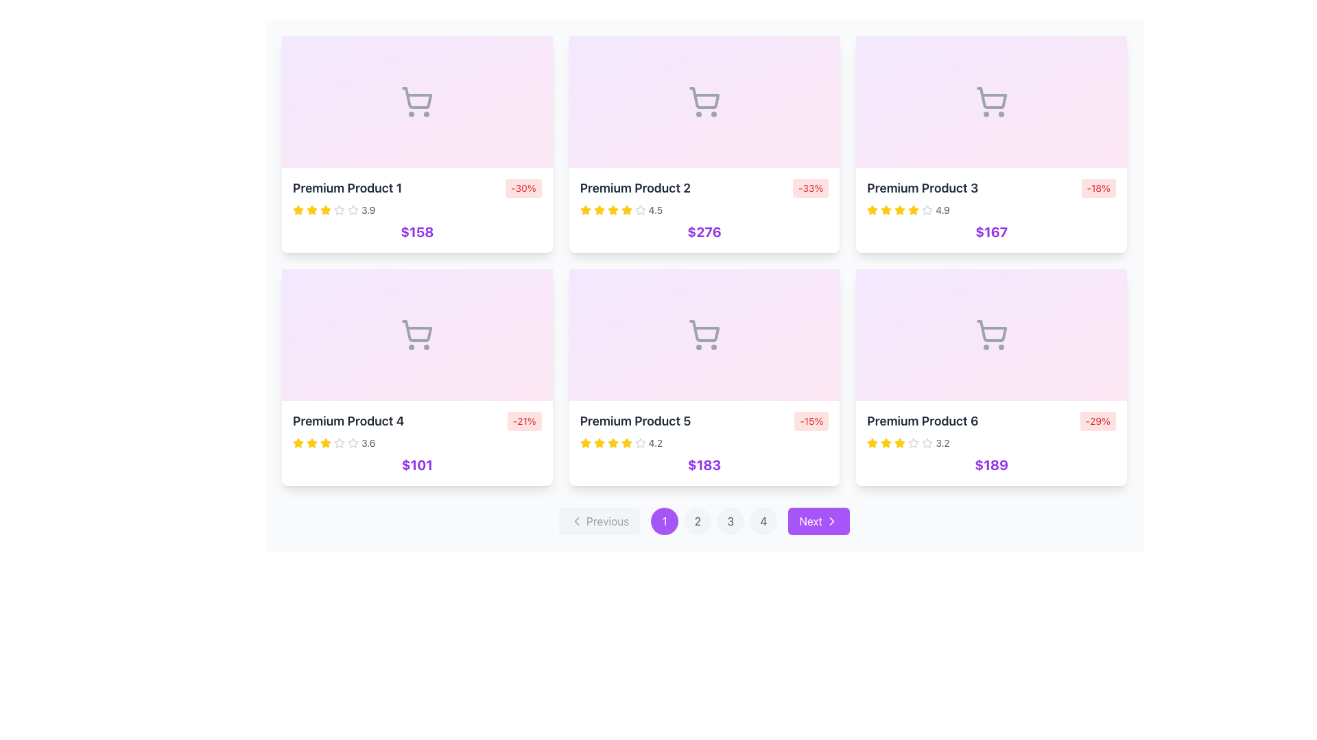  I want to click on the shopping cart icon with a gray outline, located centrally within the 'Premium Product 3' card, positioned in the upper half above the text and pricing details, so click(991, 101).